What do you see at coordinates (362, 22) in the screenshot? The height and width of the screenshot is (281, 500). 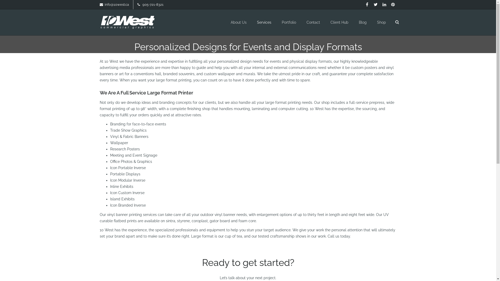 I see `'Blog'` at bounding box center [362, 22].